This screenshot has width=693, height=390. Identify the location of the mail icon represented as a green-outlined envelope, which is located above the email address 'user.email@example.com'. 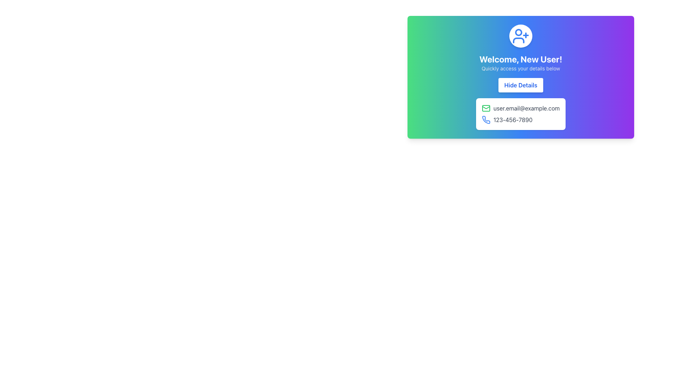
(486, 108).